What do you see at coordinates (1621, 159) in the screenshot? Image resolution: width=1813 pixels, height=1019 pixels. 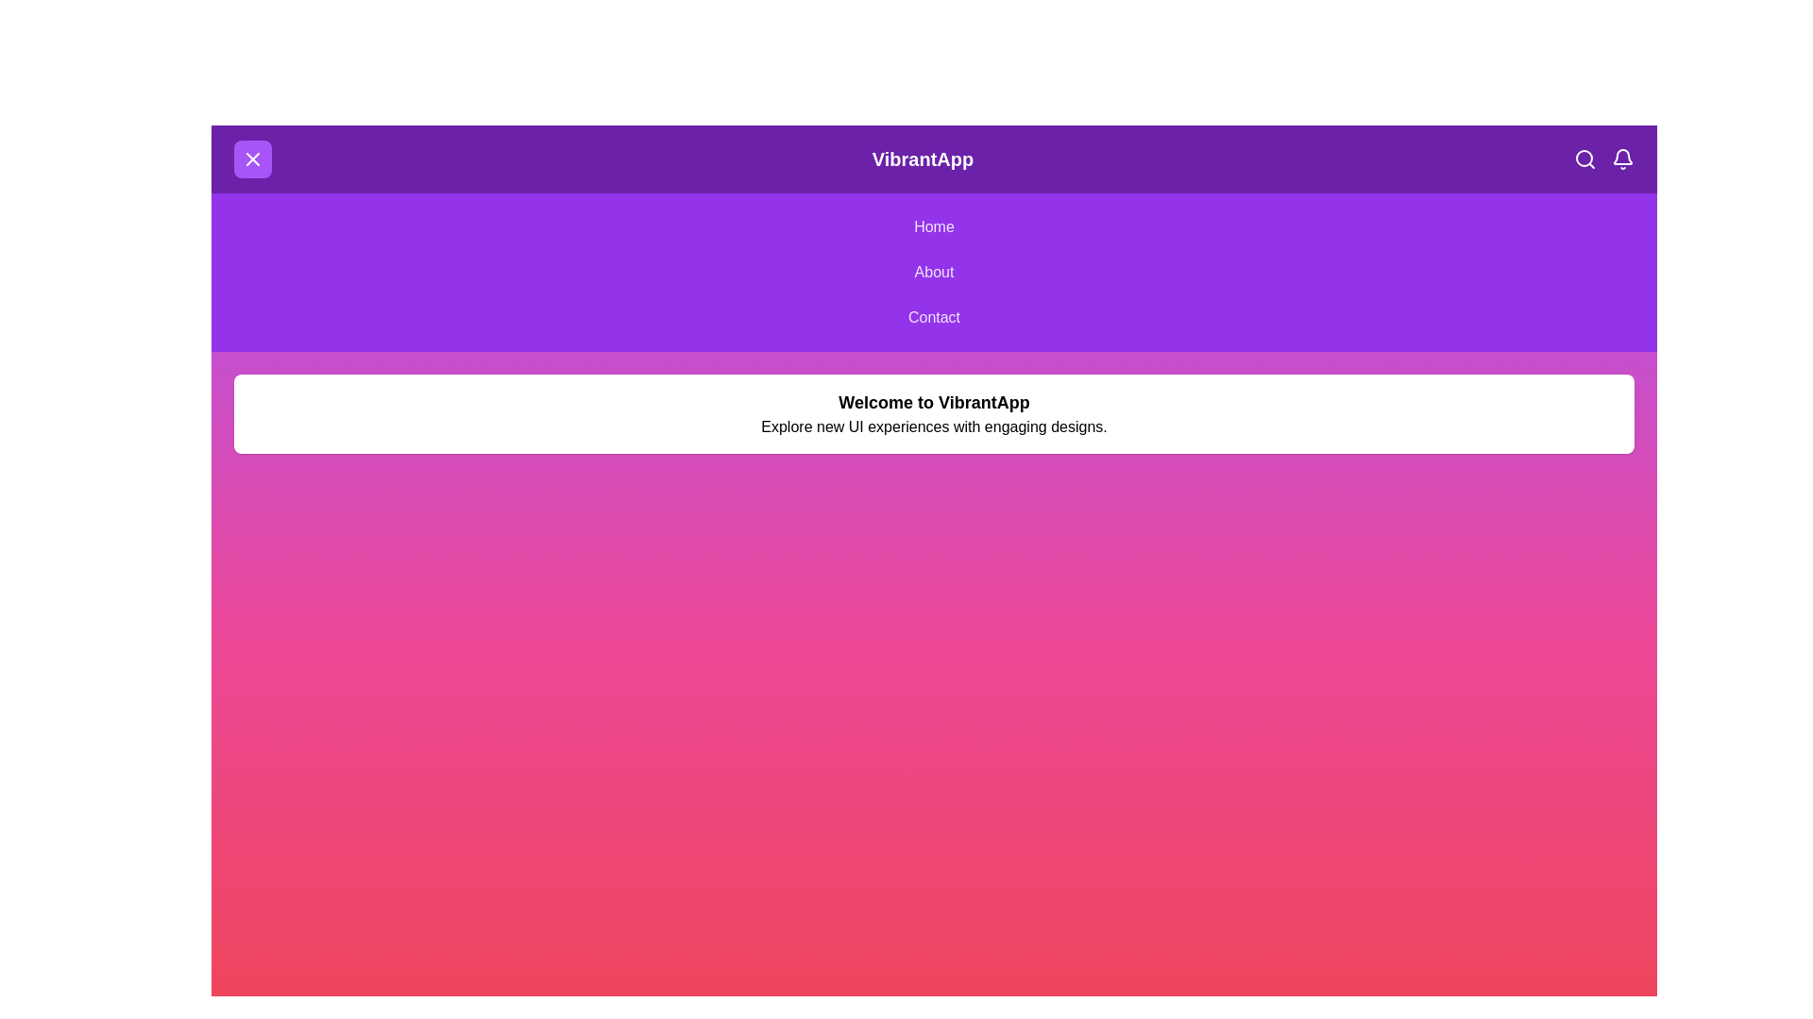 I see `the bell icon to view notifications` at bounding box center [1621, 159].